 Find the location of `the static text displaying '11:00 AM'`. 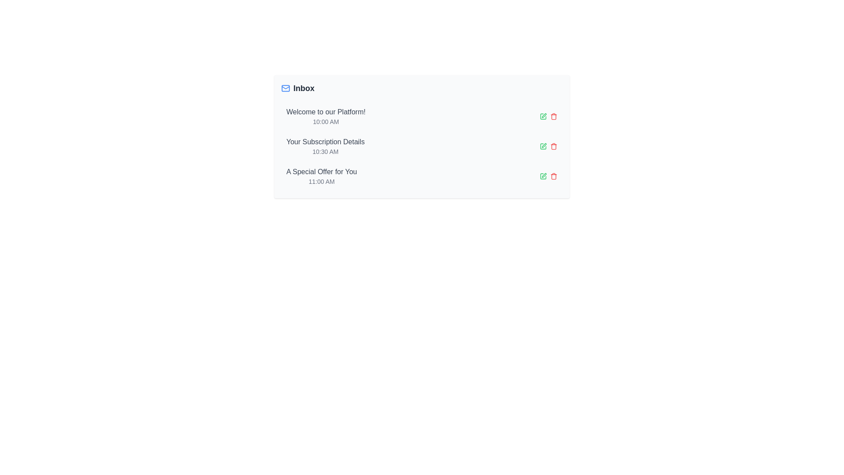

the static text displaying '11:00 AM' is located at coordinates (321, 181).